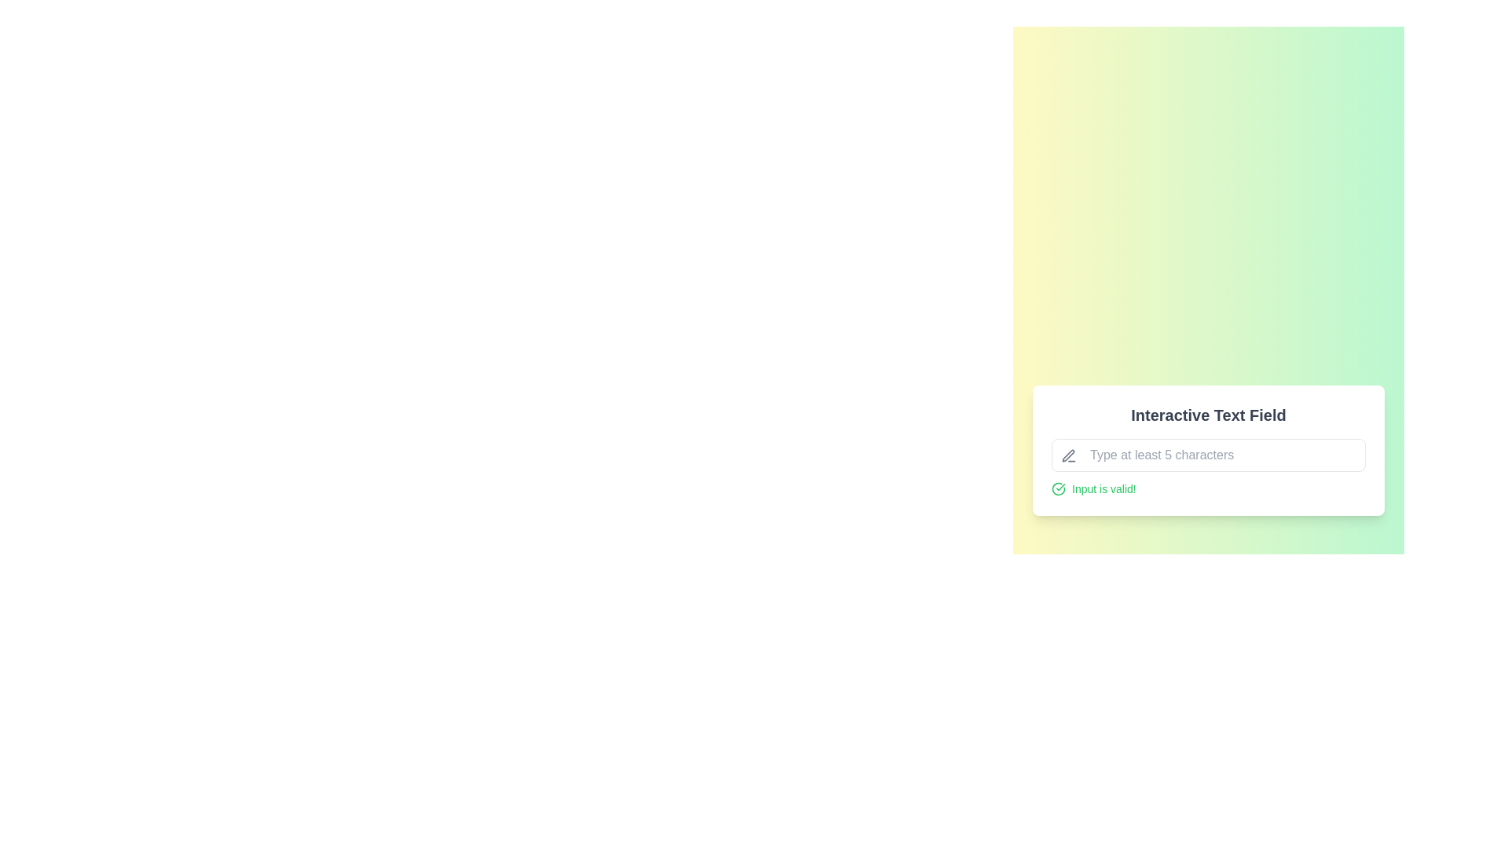 Image resolution: width=1508 pixels, height=848 pixels. What do you see at coordinates (1068, 456) in the screenshot?
I see `the pen icon located at the top-left corner of the text input field` at bounding box center [1068, 456].